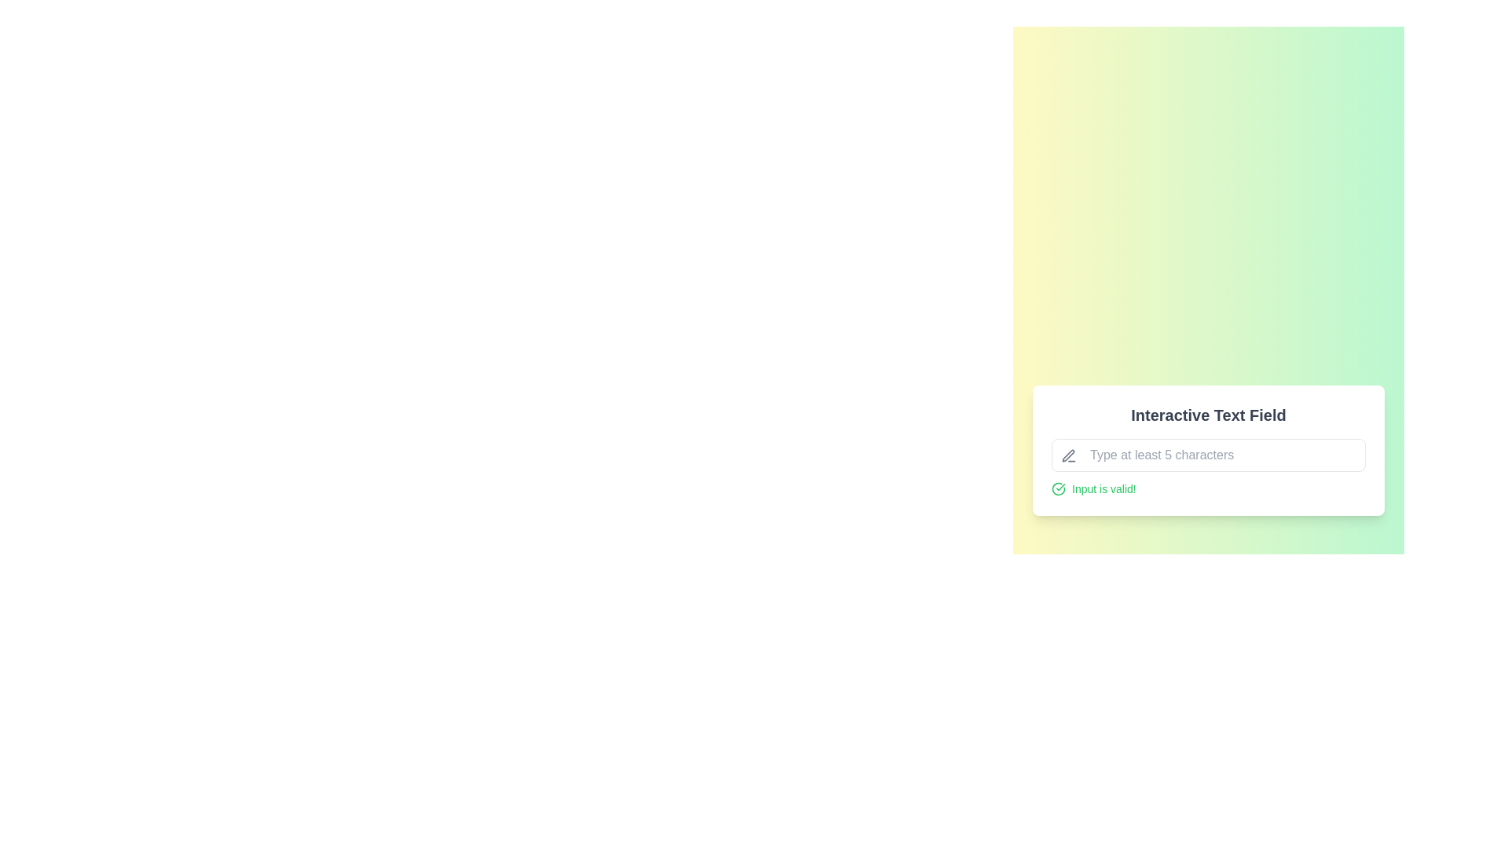 Image resolution: width=1508 pixels, height=848 pixels. What do you see at coordinates (1068, 456) in the screenshot?
I see `the pen icon located at the top-left corner of the text input field` at bounding box center [1068, 456].